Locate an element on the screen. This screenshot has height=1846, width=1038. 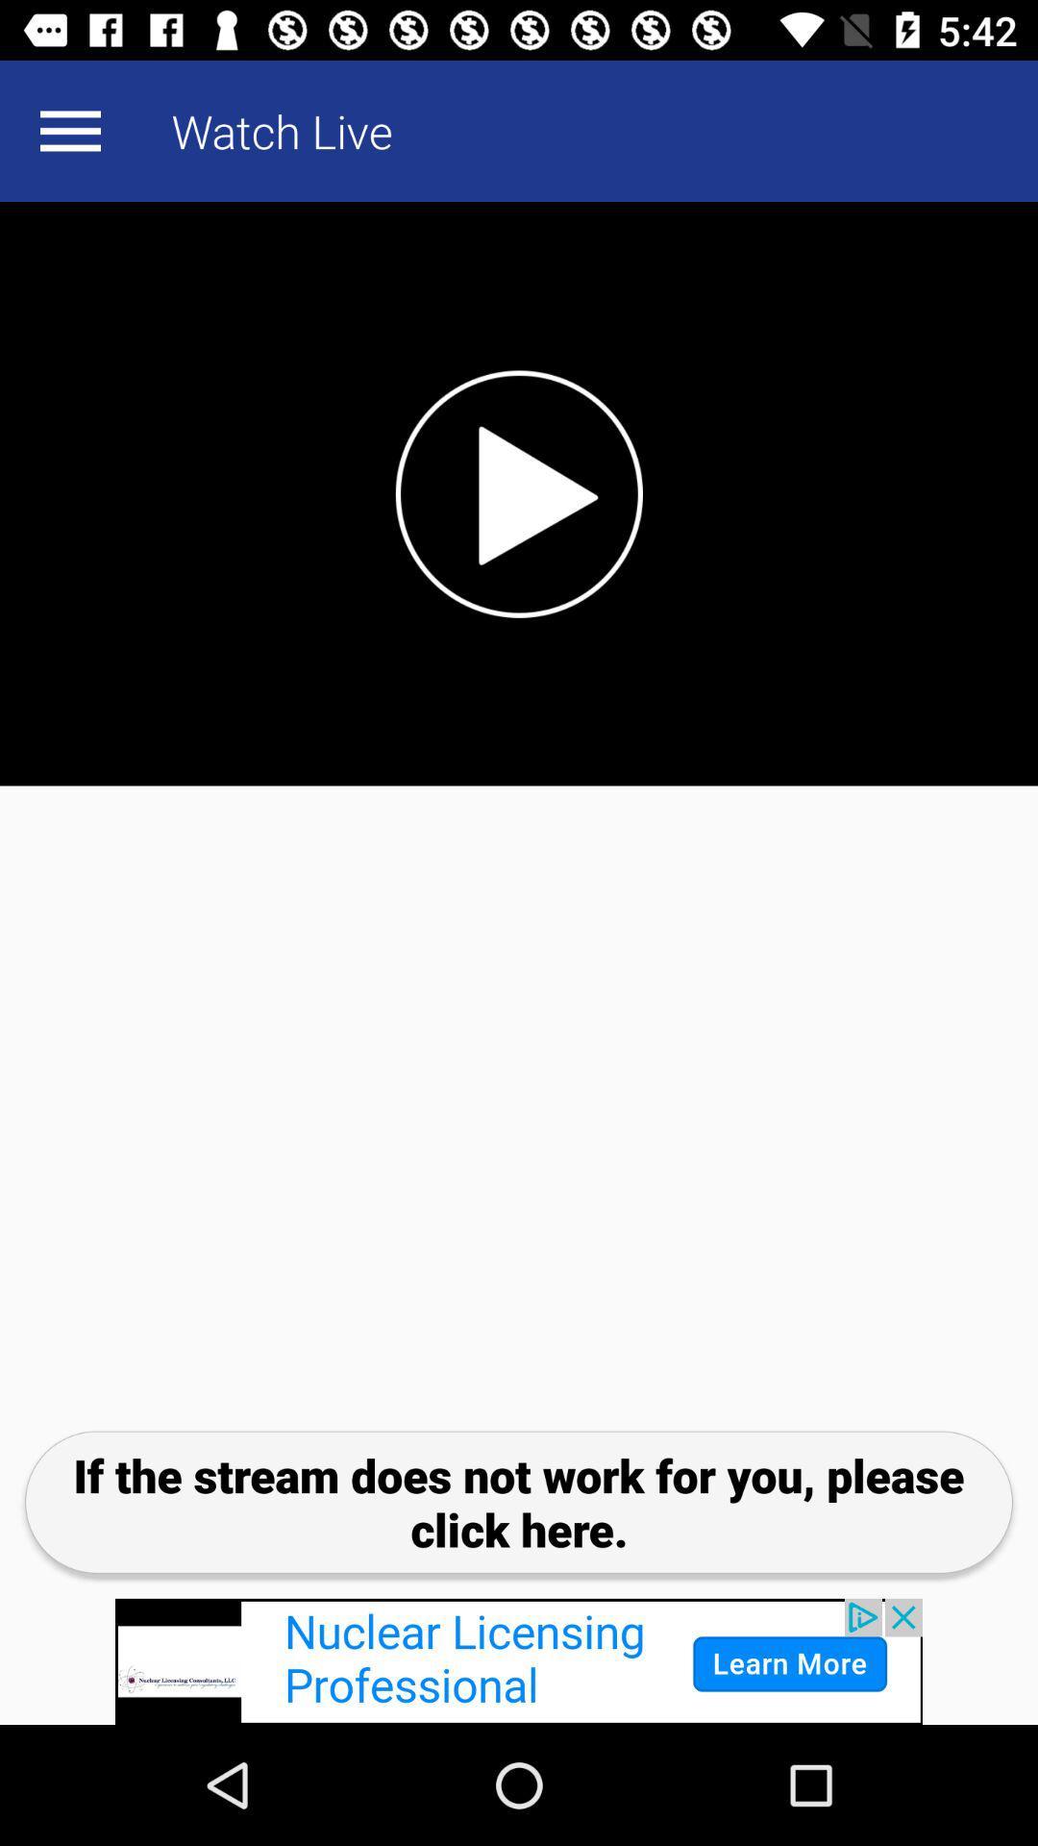
song is located at coordinates (519, 493).